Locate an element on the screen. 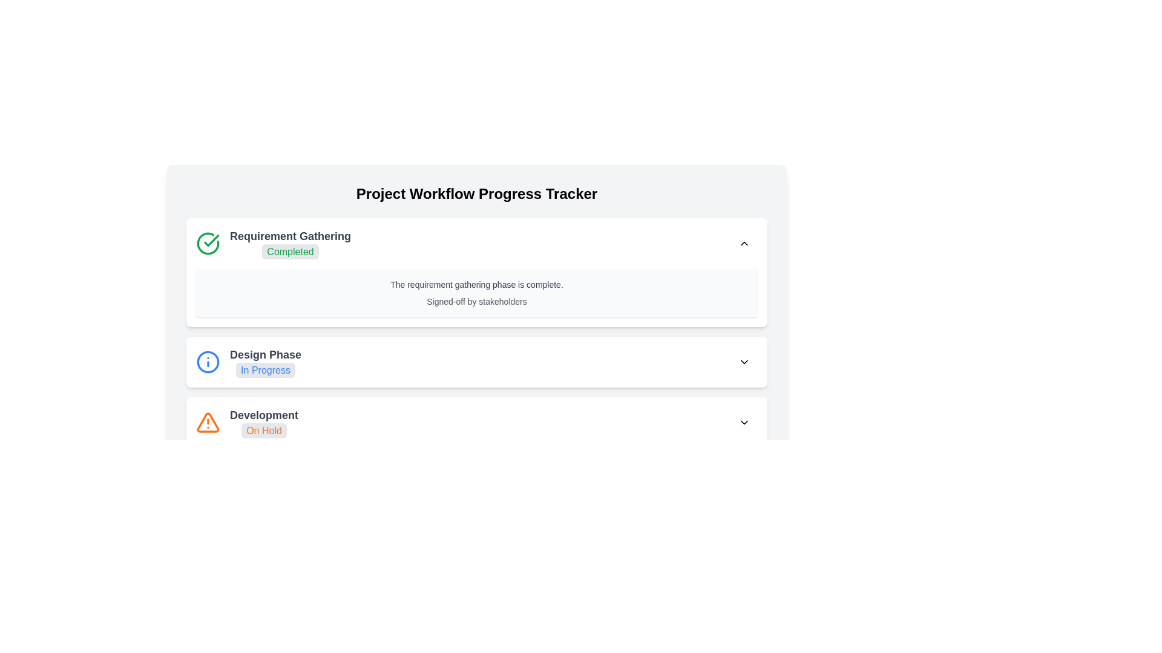  the equilateral triangle-shaped icon with an orange border and an exclamation mark, located to the left of the 'Development' text in the 'Project Workflow Progress Tracker' is located at coordinates (208, 421).